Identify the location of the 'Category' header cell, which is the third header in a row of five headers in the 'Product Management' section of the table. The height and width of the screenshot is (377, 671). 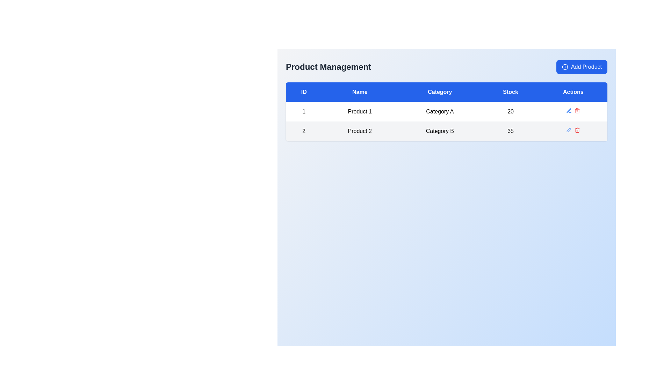
(446, 91).